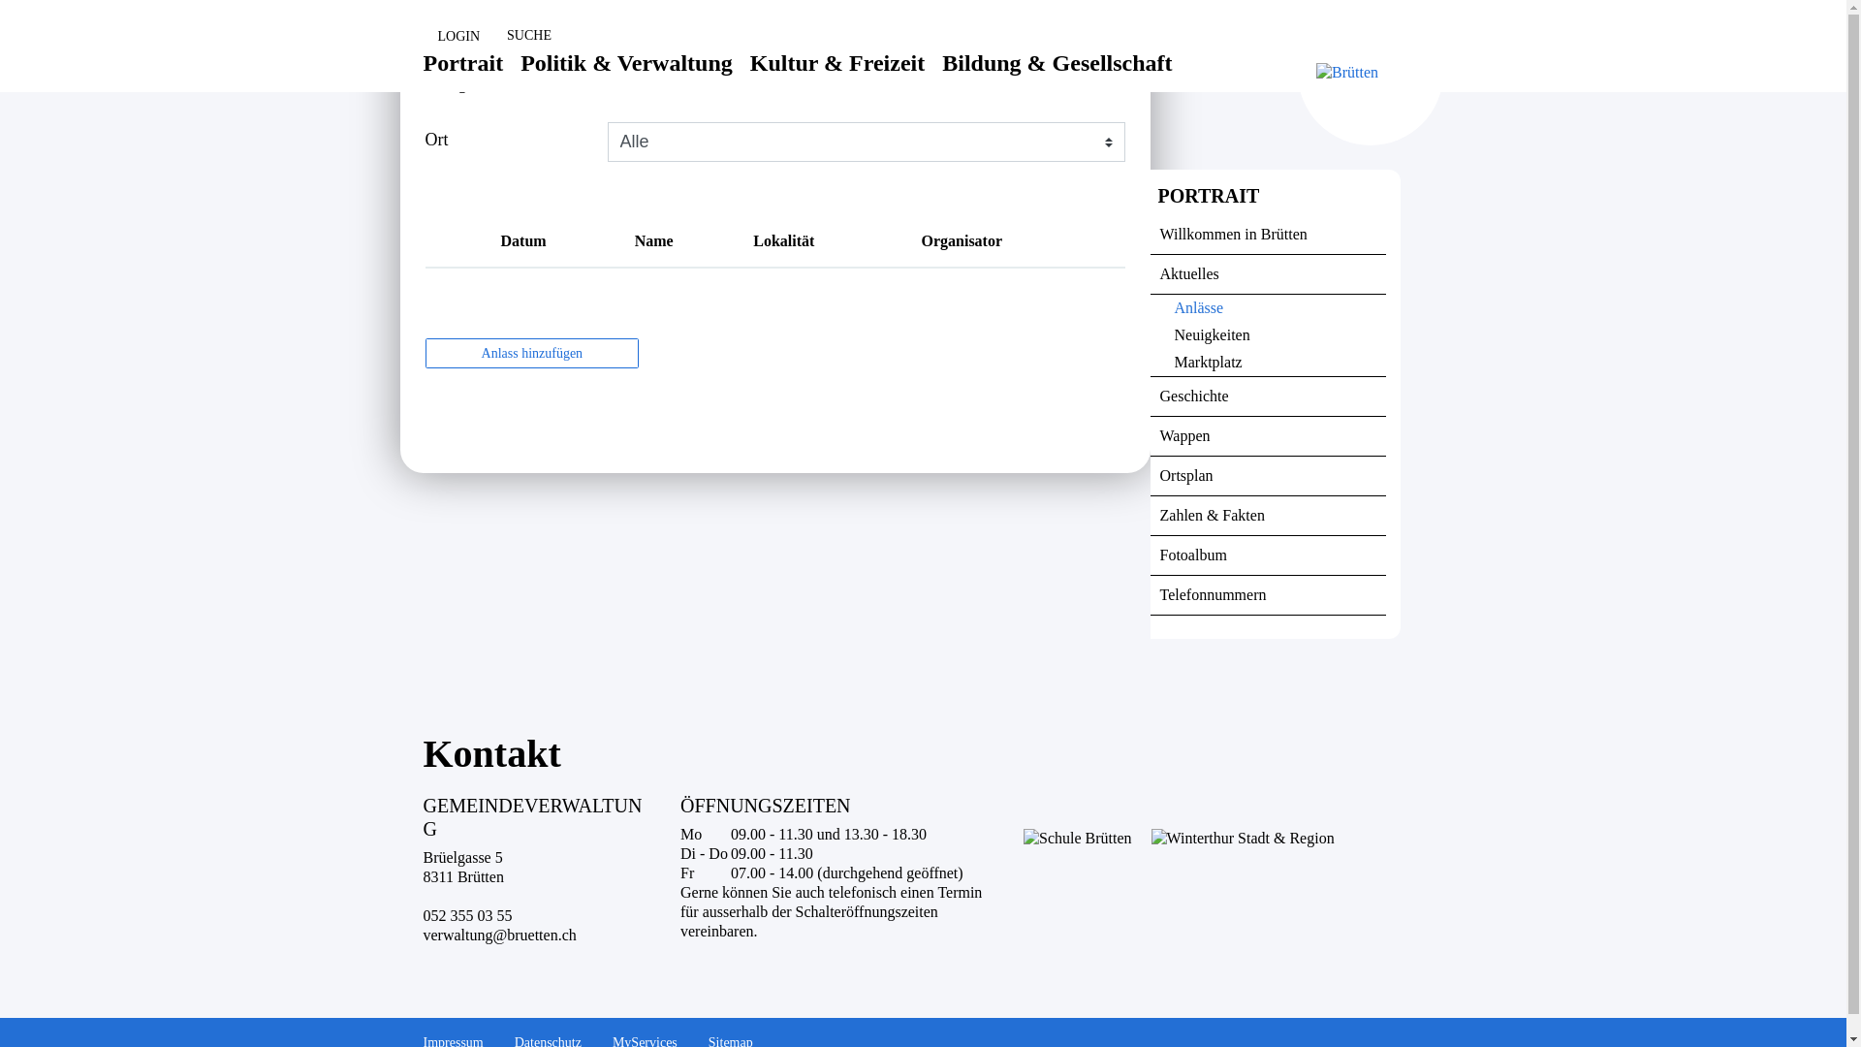 The height and width of the screenshot is (1047, 1861). What do you see at coordinates (1267, 476) in the screenshot?
I see `'Ortsplan'` at bounding box center [1267, 476].